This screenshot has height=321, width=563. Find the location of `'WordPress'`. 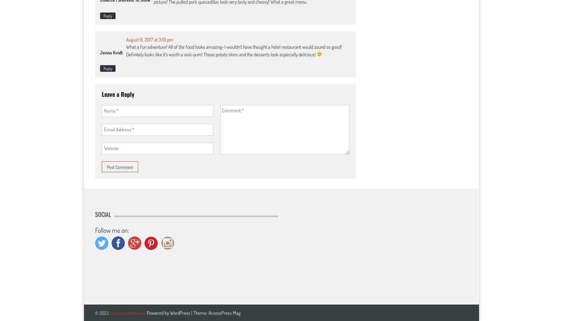

'WordPress' is located at coordinates (170, 312).